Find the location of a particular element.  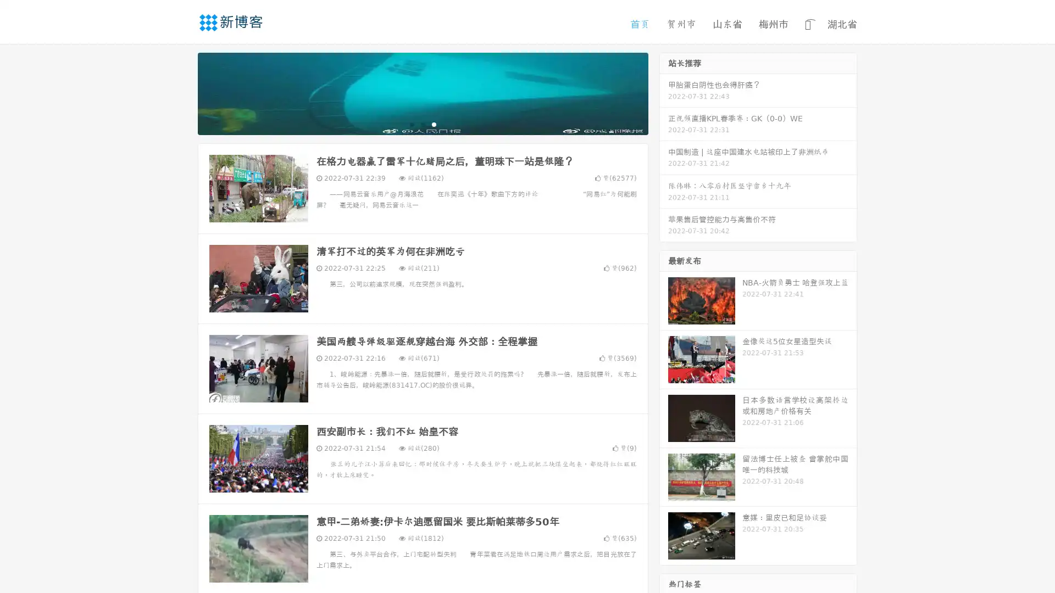

Previous slide is located at coordinates (181, 92).